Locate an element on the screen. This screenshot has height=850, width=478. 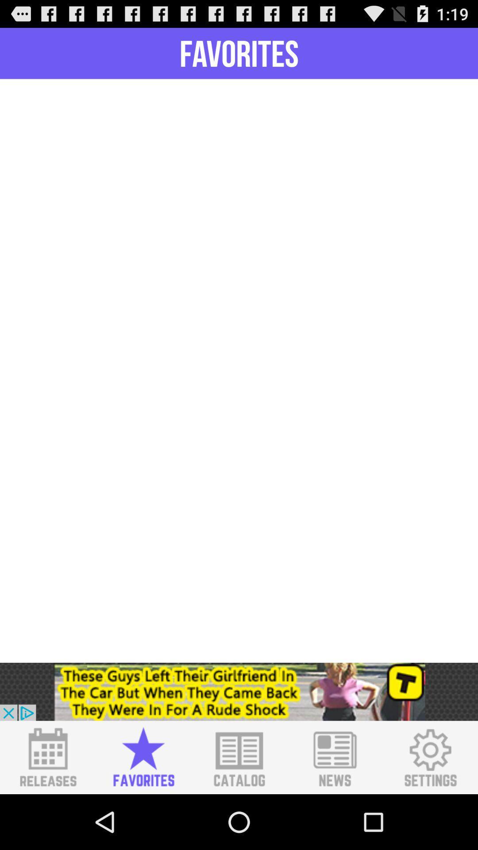
highlights the release option is located at coordinates (48, 757).